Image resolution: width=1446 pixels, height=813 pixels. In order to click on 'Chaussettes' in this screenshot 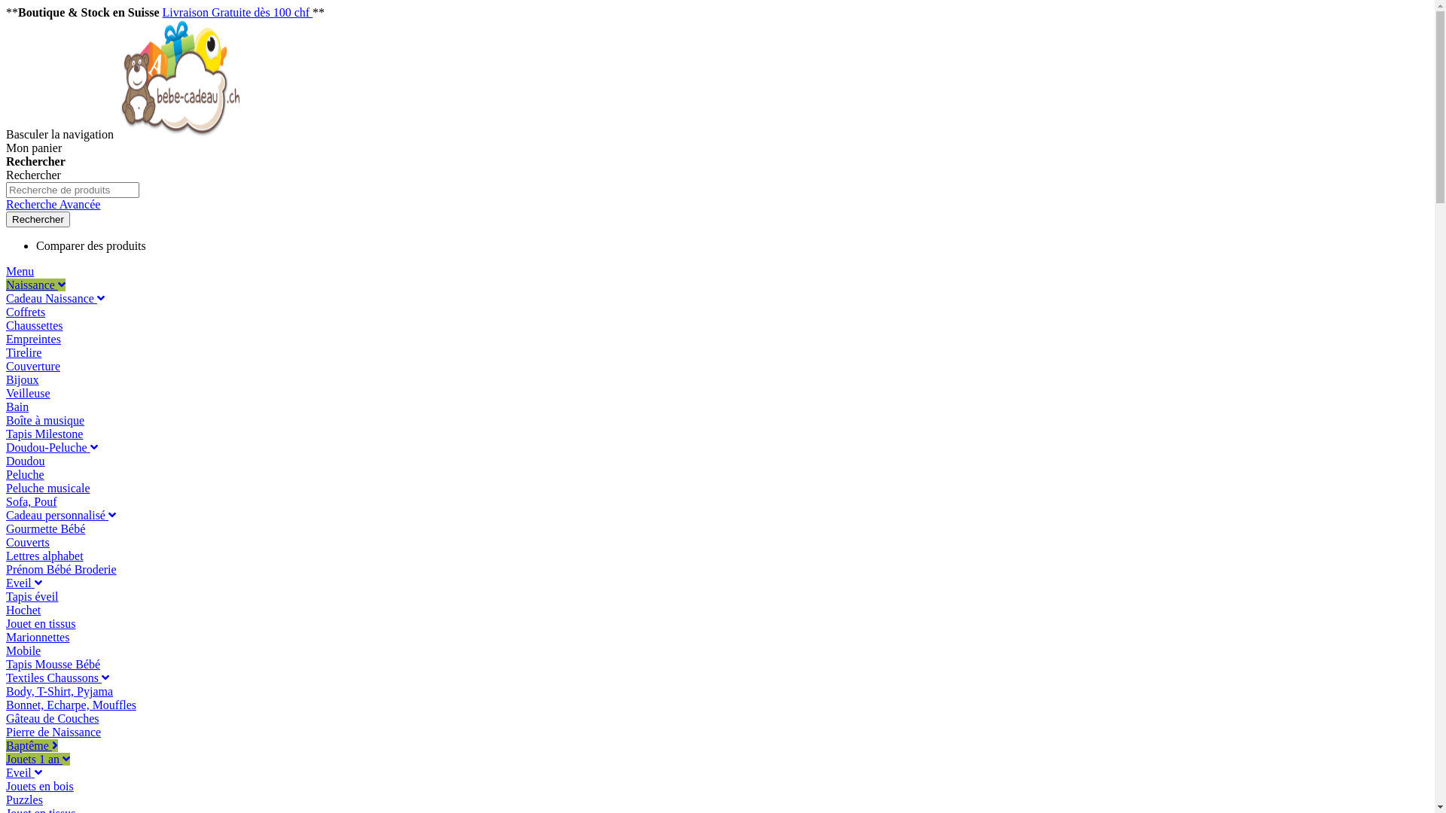, I will do `click(35, 324)`.